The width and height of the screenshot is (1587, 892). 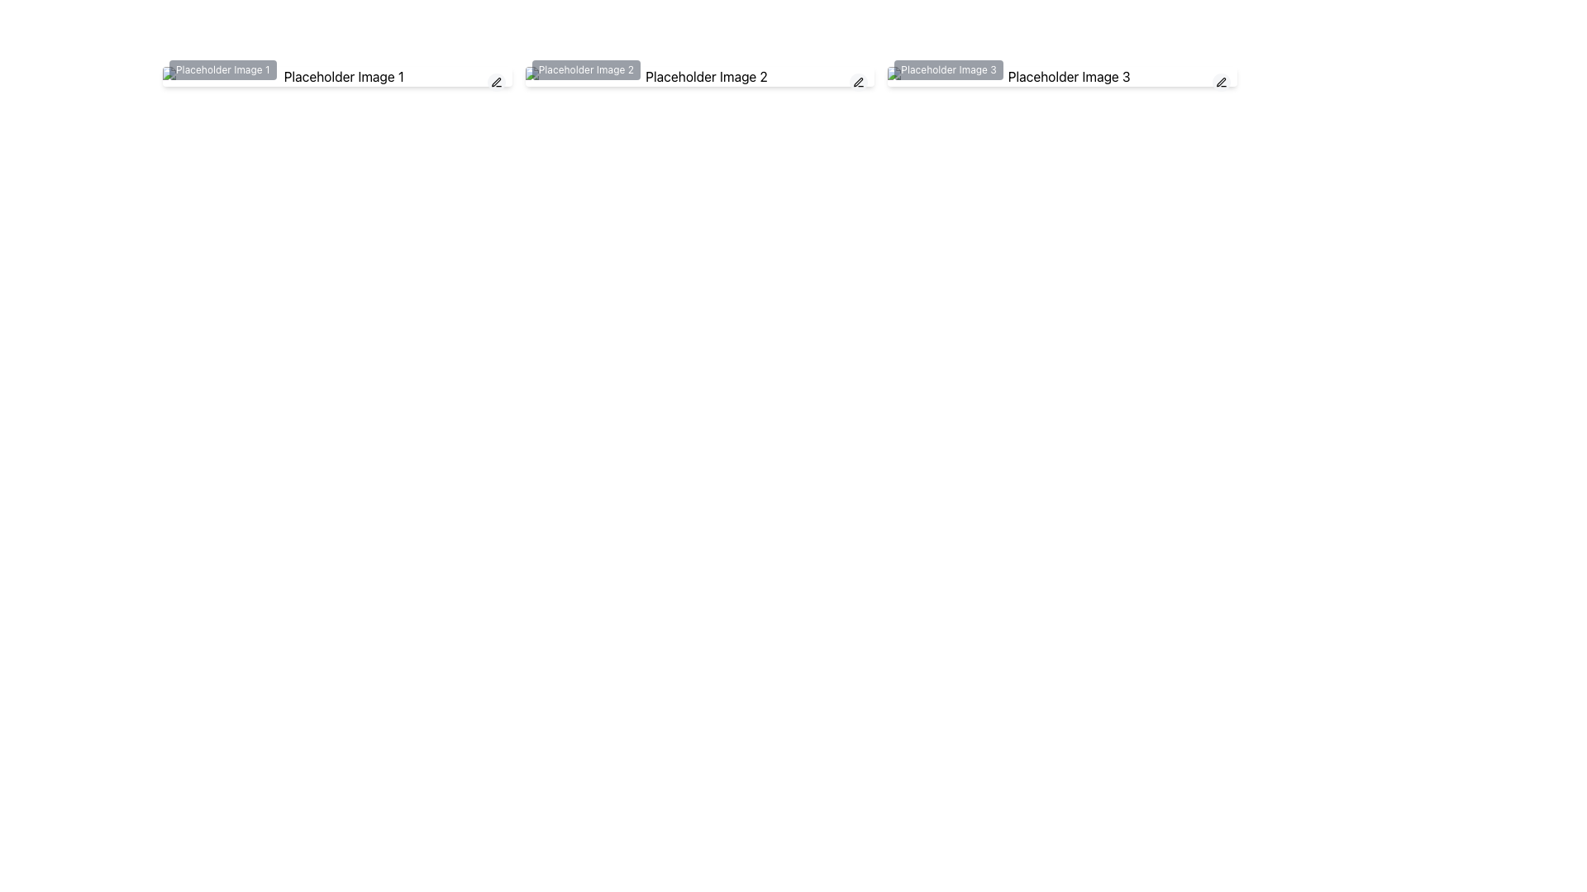 What do you see at coordinates (1222, 83) in the screenshot?
I see `the pen icon located in the top-right corner of the card titled 'Placeholder Image 3' to initiate editing` at bounding box center [1222, 83].